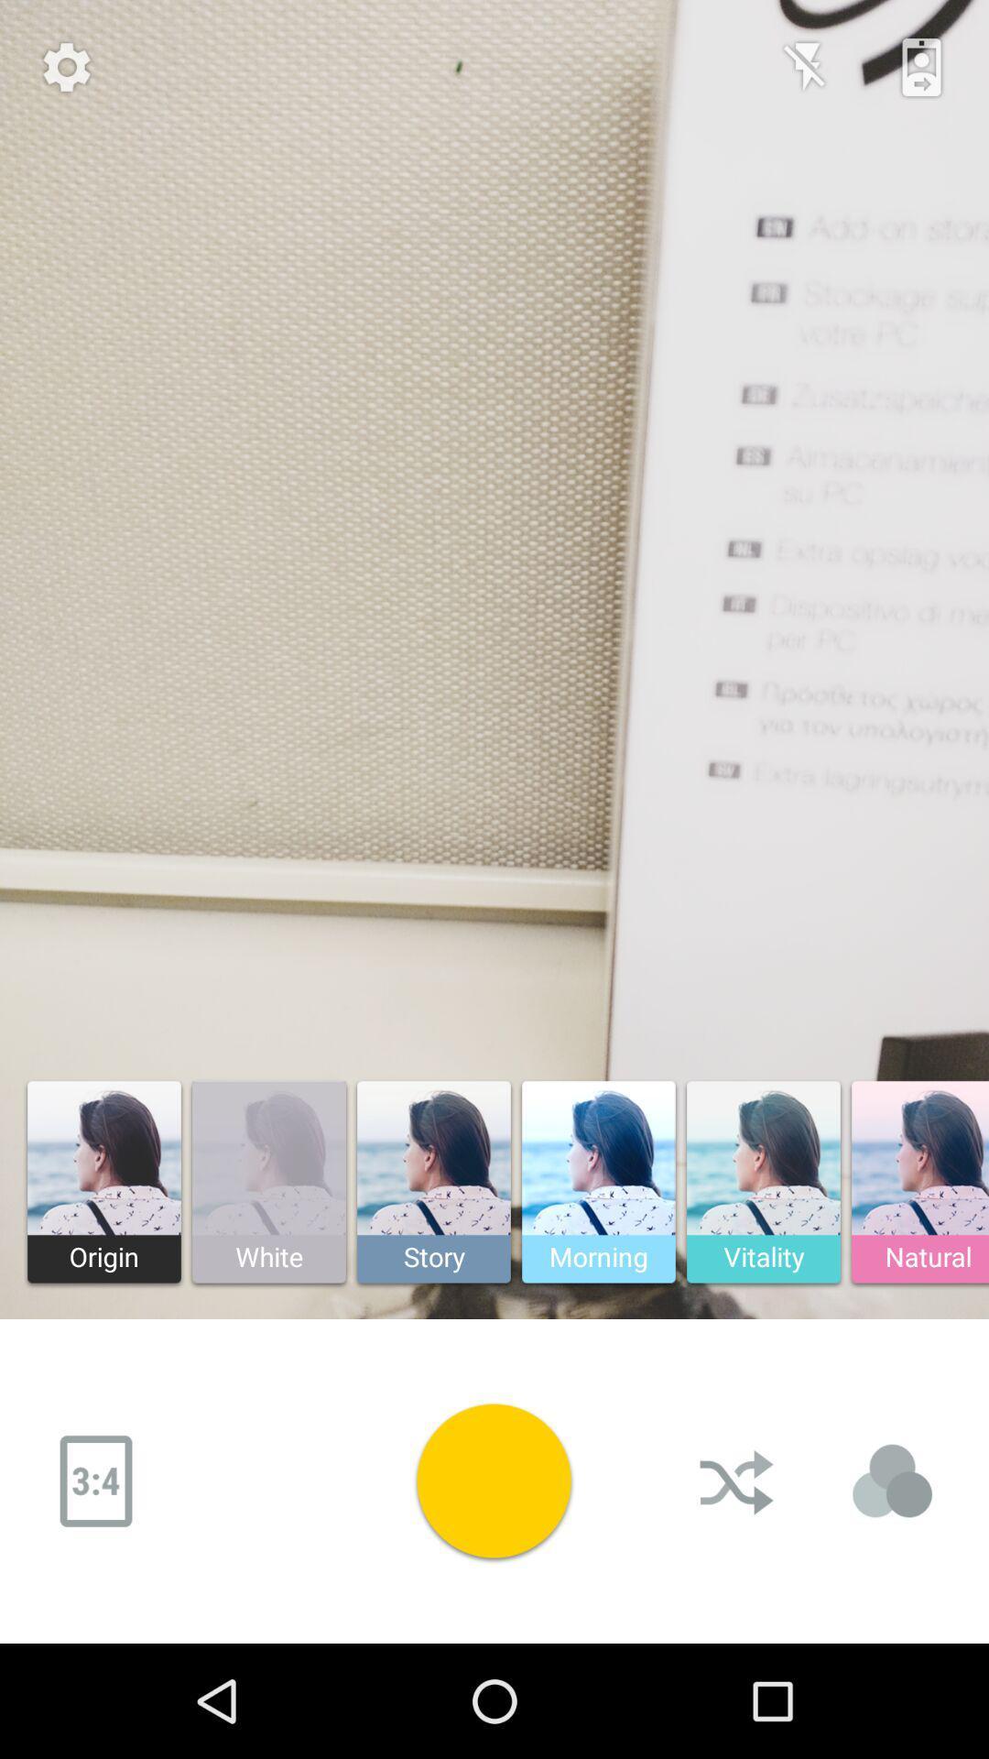 The height and width of the screenshot is (1759, 989). I want to click on the settings icon, so click(66, 67).